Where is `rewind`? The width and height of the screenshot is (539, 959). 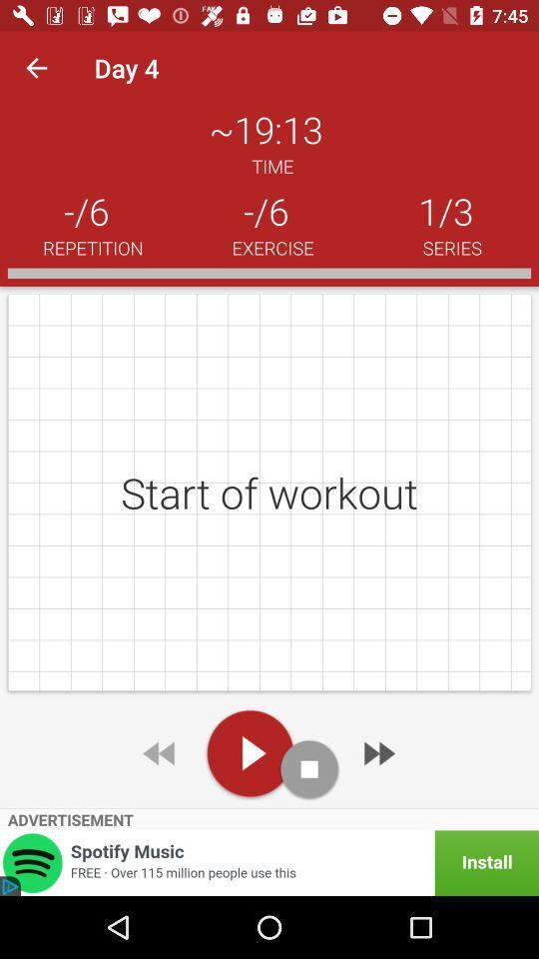 rewind is located at coordinates (160, 752).